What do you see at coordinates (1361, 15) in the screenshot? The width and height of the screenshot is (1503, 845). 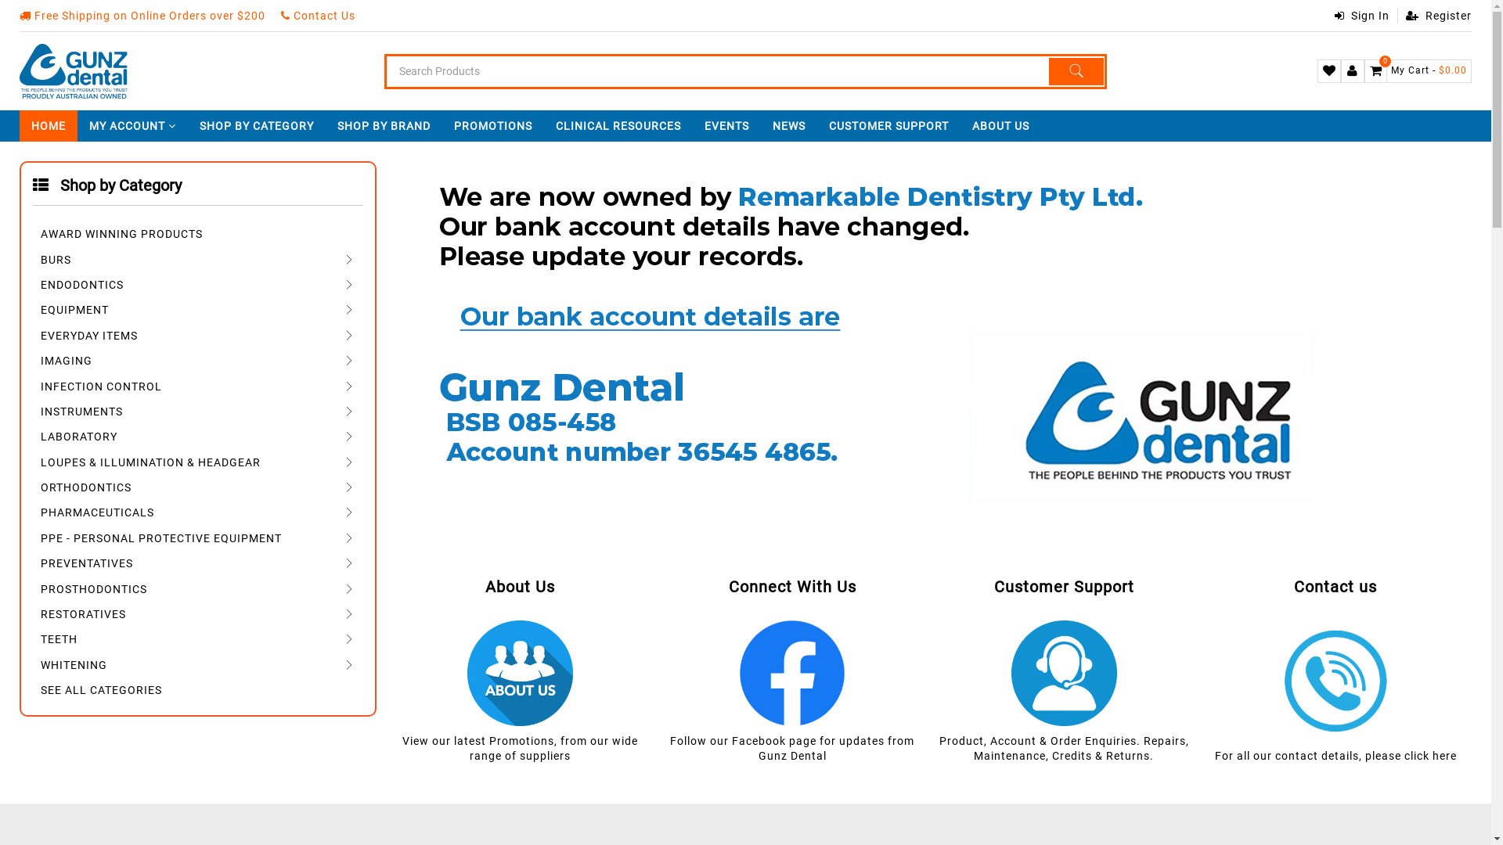 I see `'  Sign In'` at bounding box center [1361, 15].